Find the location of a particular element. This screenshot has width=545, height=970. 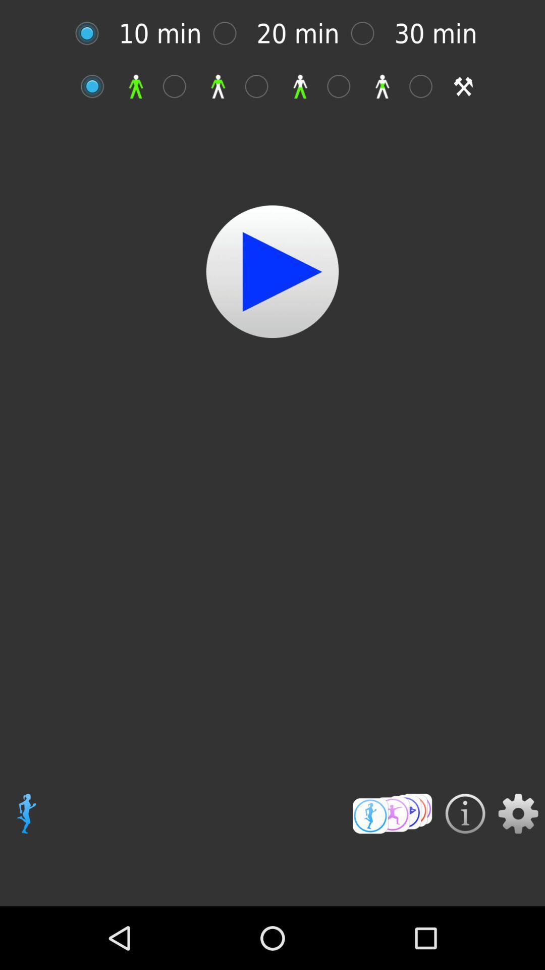

start video is located at coordinates (272, 271).